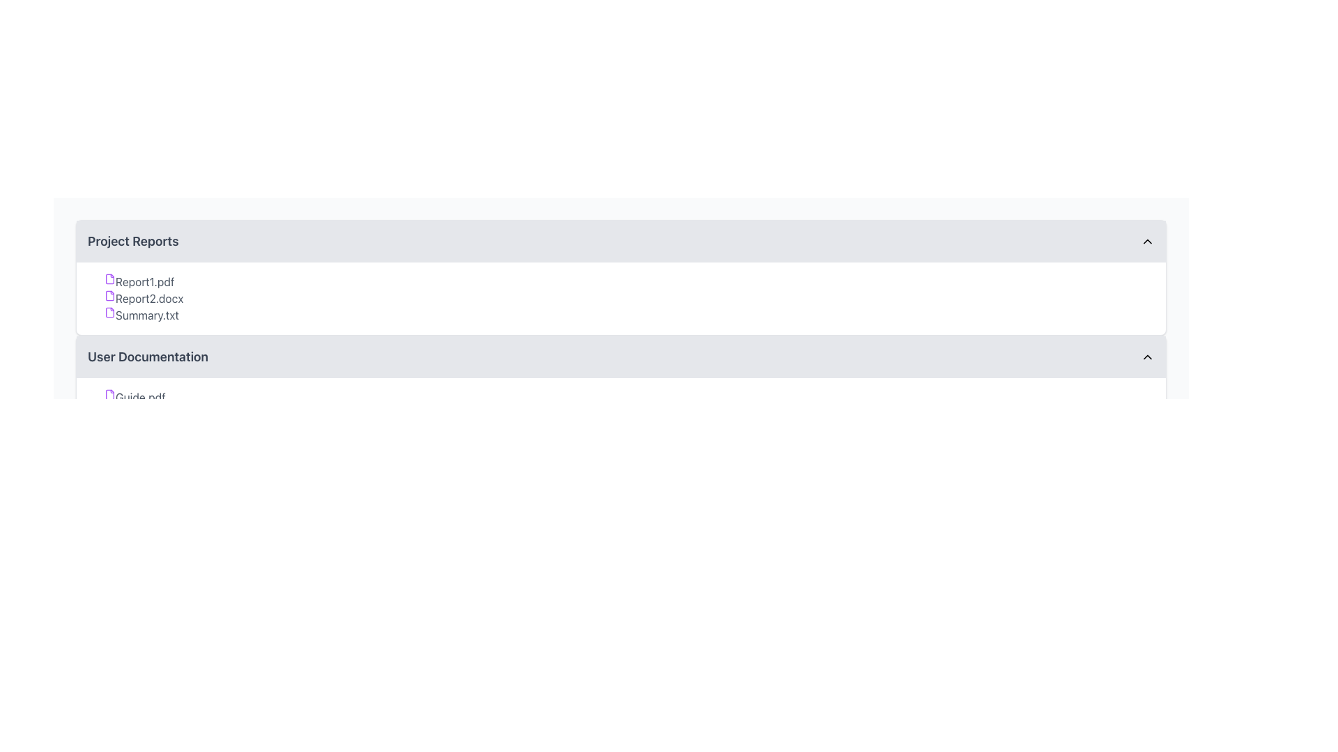 Image resolution: width=1338 pixels, height=752 pixels. What do you see at coordinates (109, 311) in the screenshot?
I see `the graphical icon representing a file with a purple outline, located next to the text 'Summary.txt' in the 'Project Reports' section` at bounding box center [109, 311].